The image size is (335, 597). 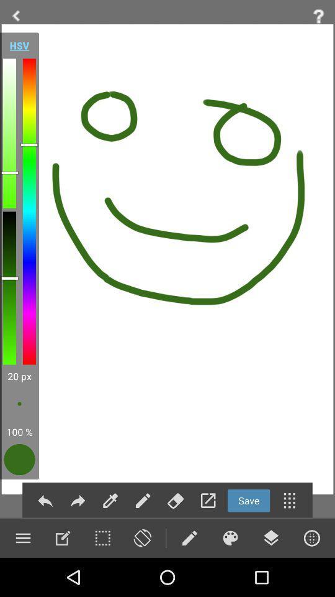 I want to click on screen shot option, so click(x=141, y=537).